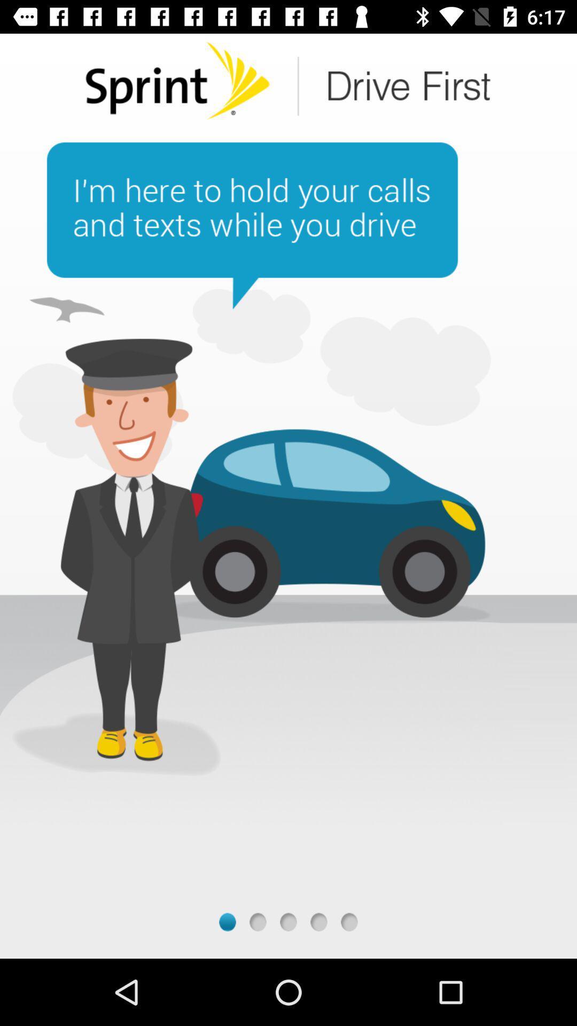  What do you see at coordinates (318, 921) in the screenshot?
I see `next page` at bounding box center [318, 921].